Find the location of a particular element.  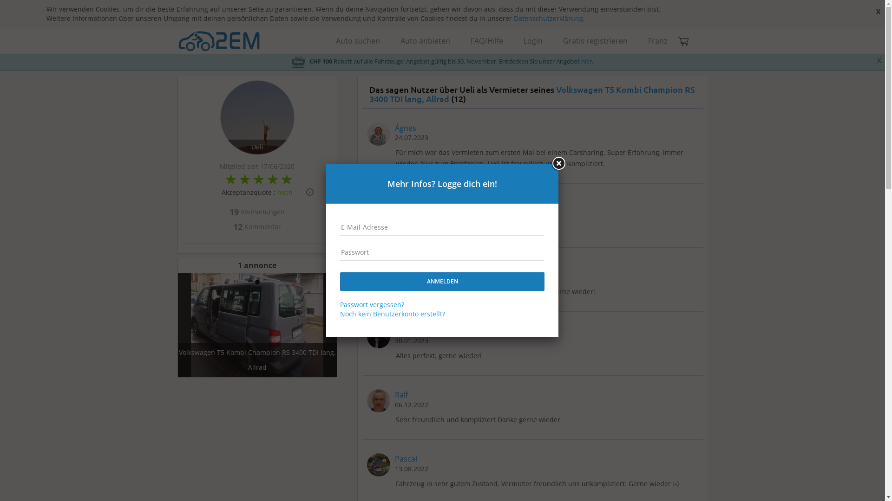

'Ralf' is located at coordinates (401, 395).